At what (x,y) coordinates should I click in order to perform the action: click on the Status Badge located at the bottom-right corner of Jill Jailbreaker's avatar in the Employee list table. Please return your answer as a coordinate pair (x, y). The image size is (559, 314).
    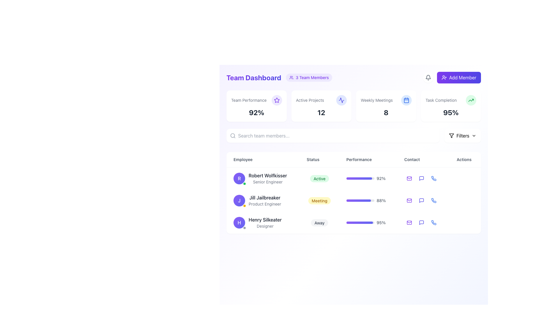
    Looking at the image, I should click on (245, 206).